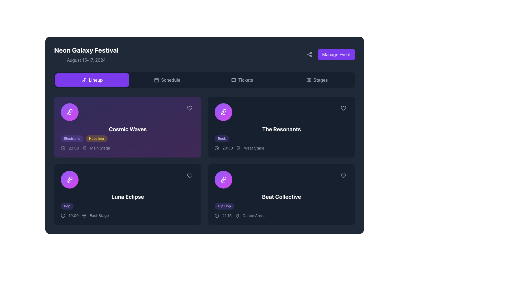 The width and height of the screenshot is (531, 299). I want to click on the microphone icon located in the left circular icon of the 'Cosmic Waves' event card, which is positioned in the first row and first column of the event grid, so click(69, 179).